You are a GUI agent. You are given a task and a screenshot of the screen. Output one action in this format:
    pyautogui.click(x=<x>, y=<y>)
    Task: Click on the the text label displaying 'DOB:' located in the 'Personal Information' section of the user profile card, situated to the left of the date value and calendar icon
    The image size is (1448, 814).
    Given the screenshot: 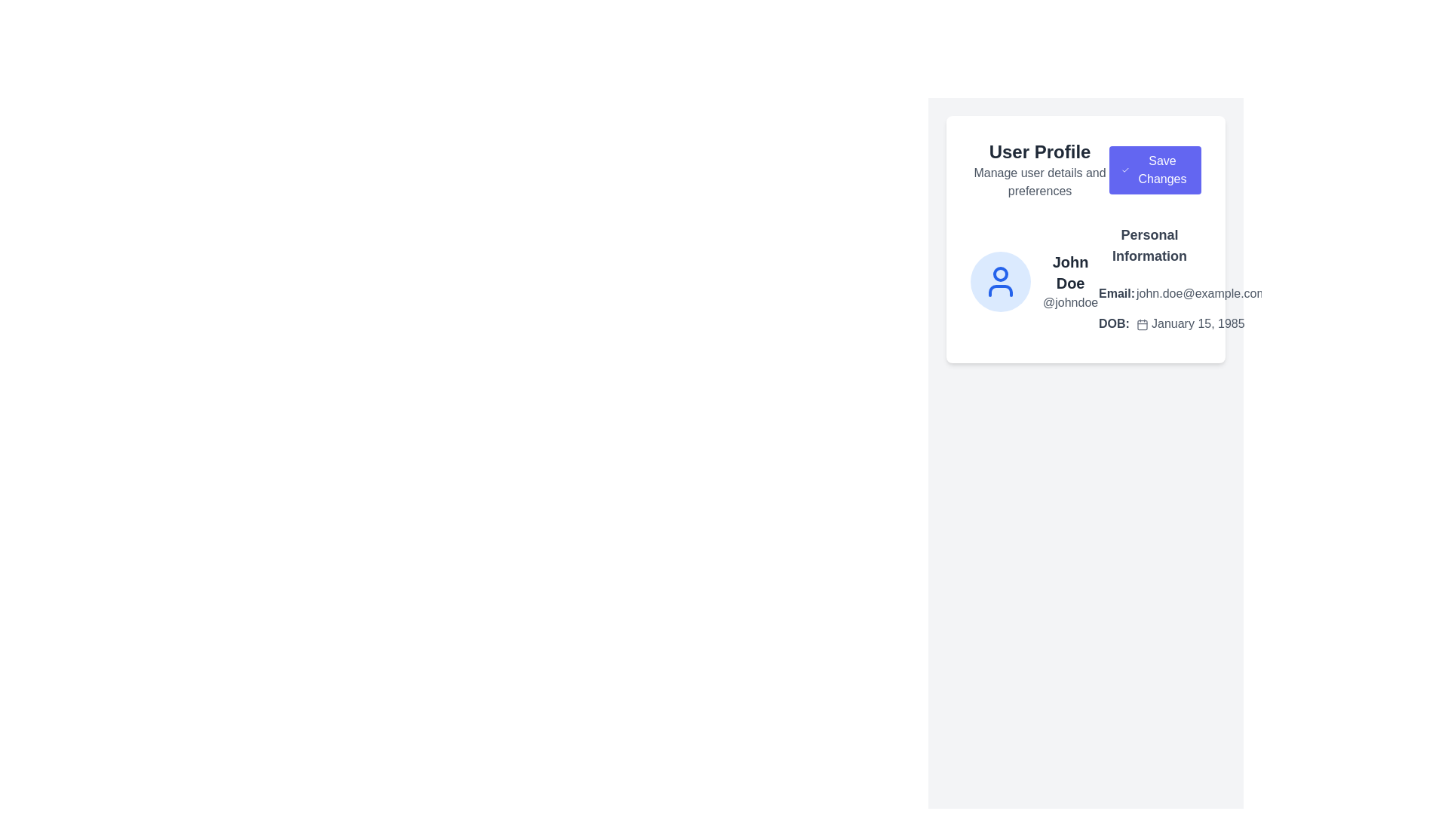 What is the action you would take?
    pyautogui.click(x=1117, y=323)
    